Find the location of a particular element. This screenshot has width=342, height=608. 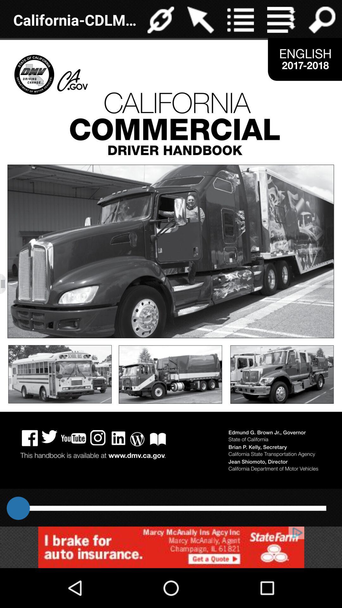

advertisement area is located at coordinates (171, 547).